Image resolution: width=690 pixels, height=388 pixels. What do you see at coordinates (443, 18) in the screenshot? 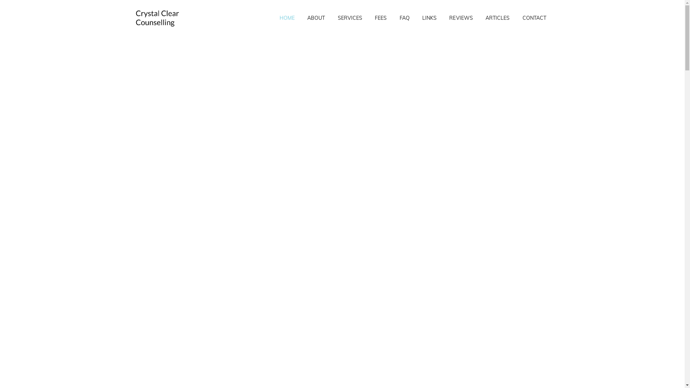
I see `'REVIEWS'` at bounding box center [443, 18].